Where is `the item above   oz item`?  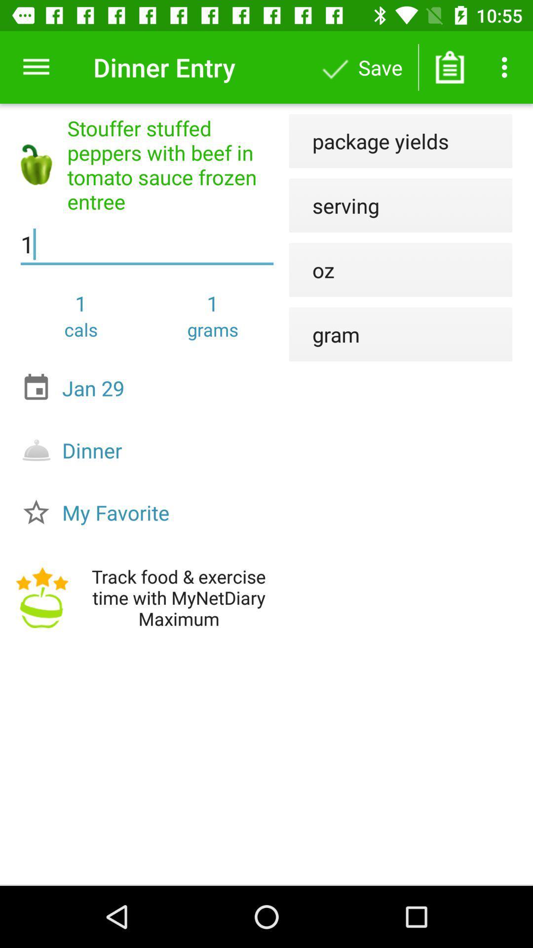
the item above   oz item is located at coordinates (334, 205).